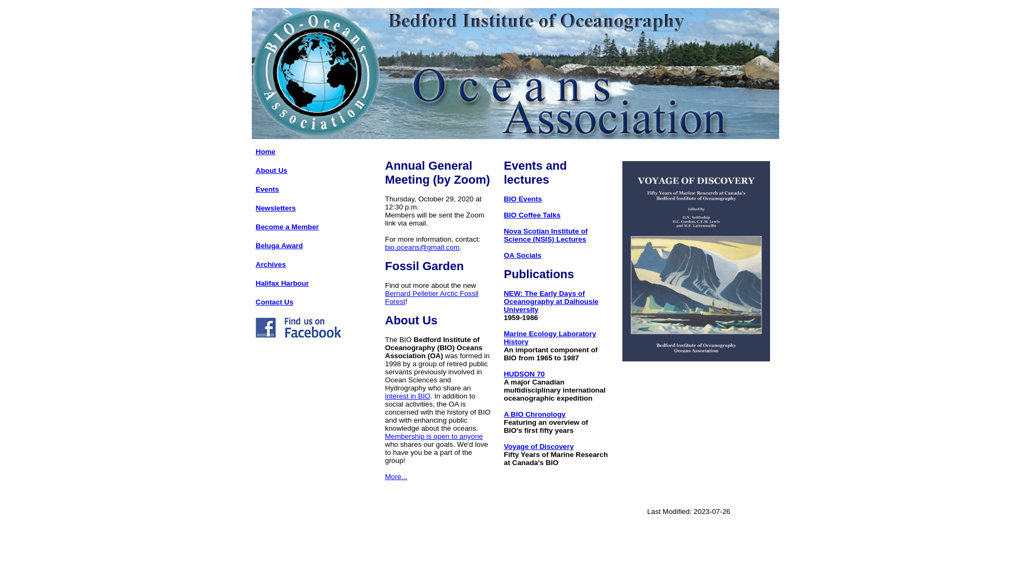 The height and width of the screenshot is (580, 1031). Describe the element at coordinates (267, 189) in the screenshot. I see `'Events'` at that location.